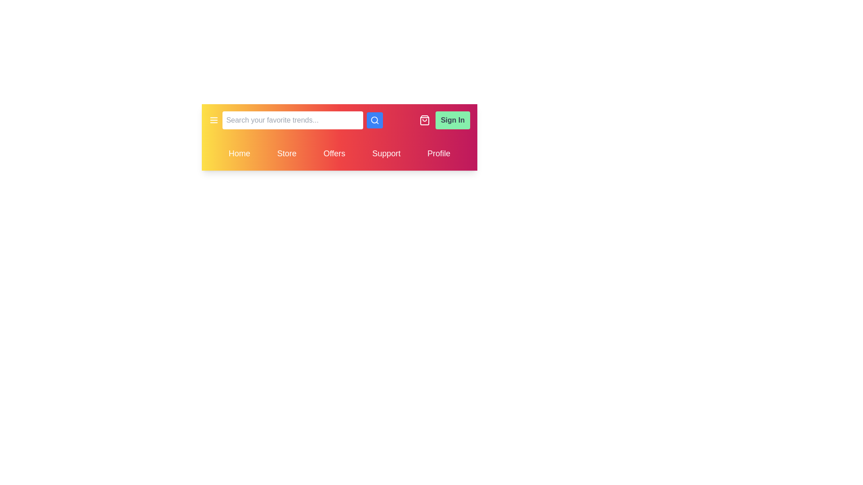 The height and width of the screenshot is (485, 863). What do you see at coordinates (286, 153) in the screenshot?
I see `the navigation button labeled Store` at bounding box center [286, 153].